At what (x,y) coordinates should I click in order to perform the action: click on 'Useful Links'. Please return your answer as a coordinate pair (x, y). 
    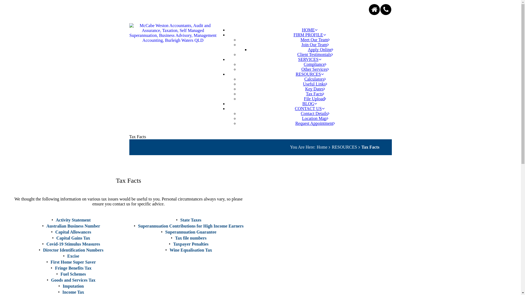
    Looking at the image, I should click on (303, 84).